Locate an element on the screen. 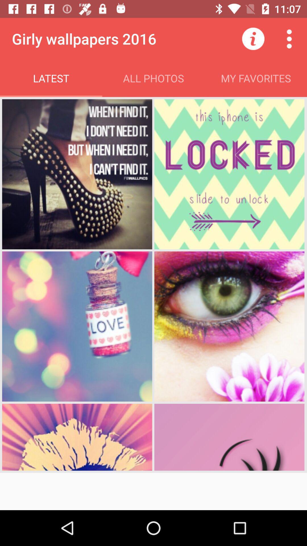  open menu is located at coordinates (289, 38).